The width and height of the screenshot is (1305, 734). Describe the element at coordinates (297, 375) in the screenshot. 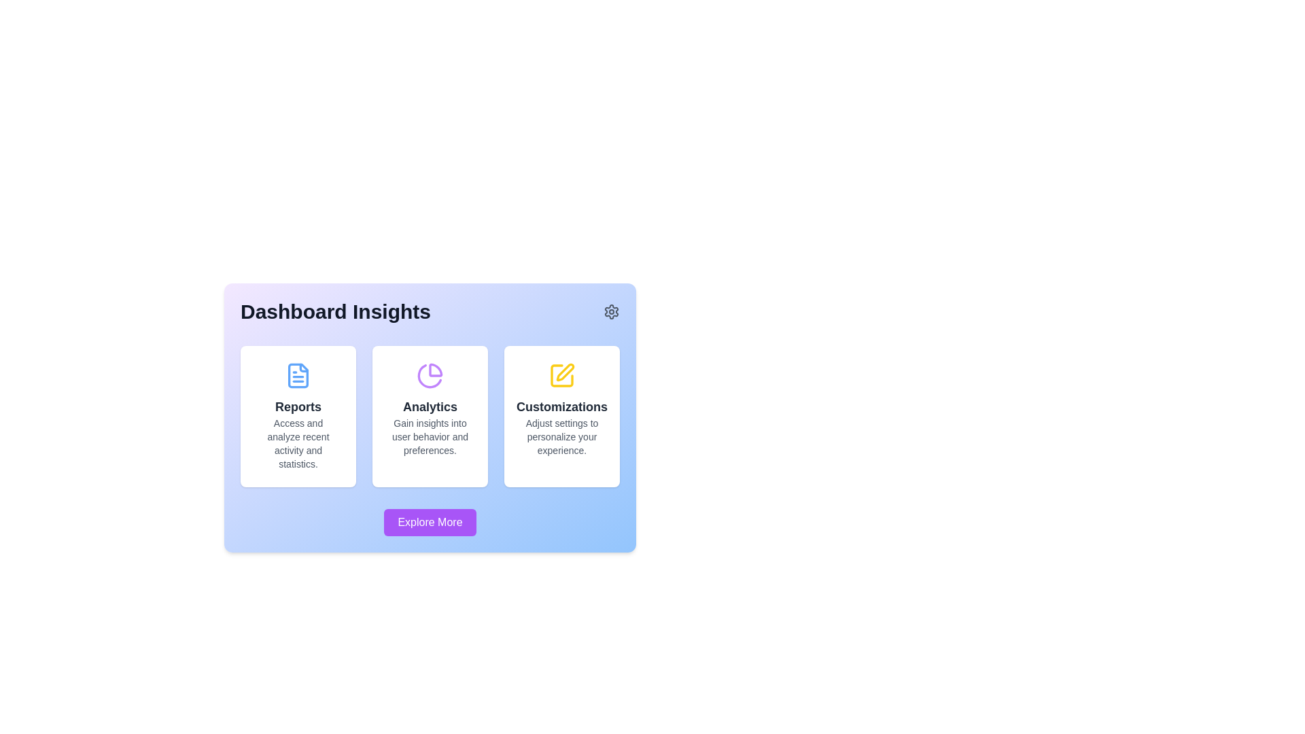

I see `the decorative illustration of a stylized document icon with a blue hue located in the top-left corner of the 'Reports' card` at that location.